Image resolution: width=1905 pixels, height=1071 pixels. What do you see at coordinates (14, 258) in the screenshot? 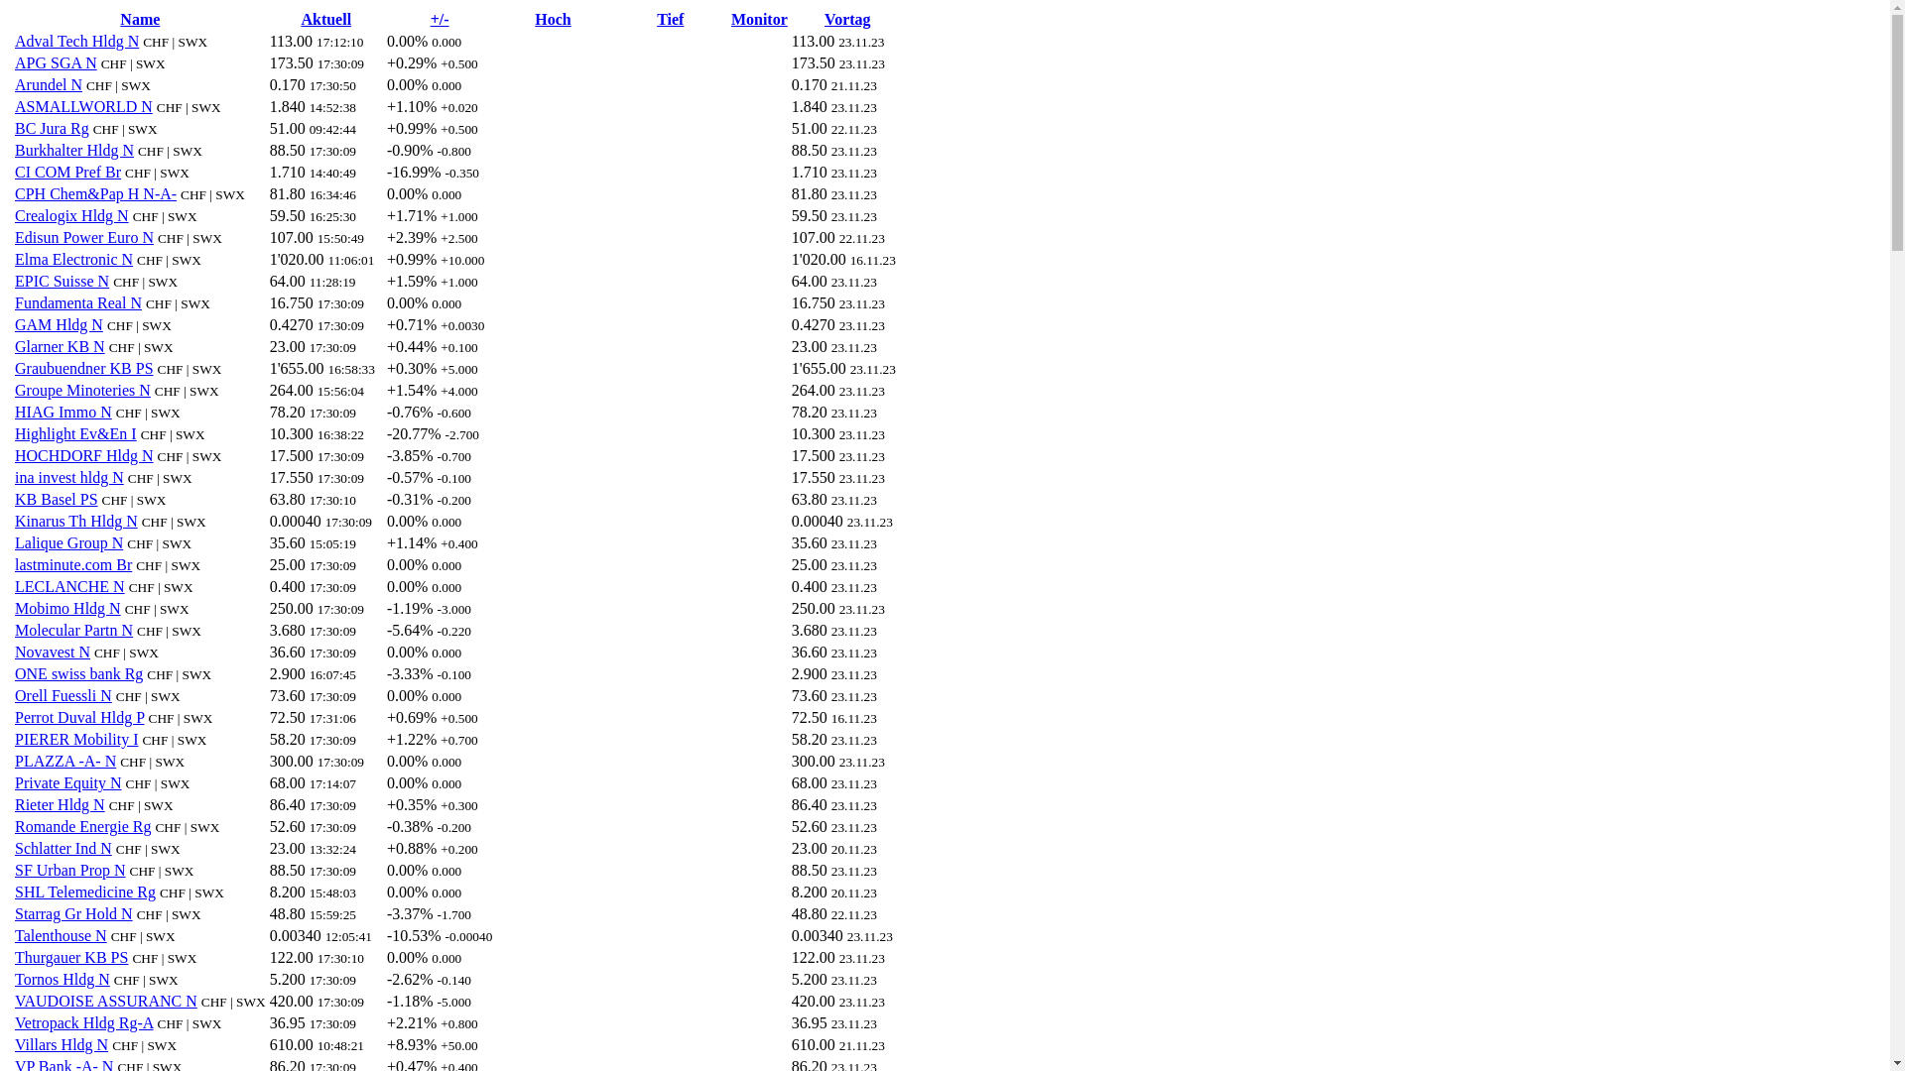
I see `'Elma Electronic N'` at bounding box center [14, 258].